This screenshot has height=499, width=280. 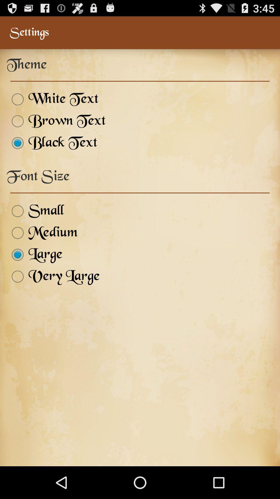 What do you see at coordinates (52, 143) in the screenshot?
I see `item below brown text item` at bounding box center [52, 143].